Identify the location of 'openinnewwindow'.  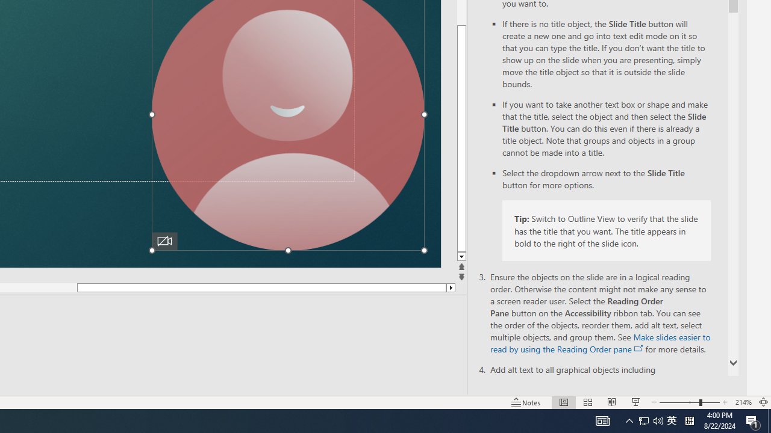
(638, 348).